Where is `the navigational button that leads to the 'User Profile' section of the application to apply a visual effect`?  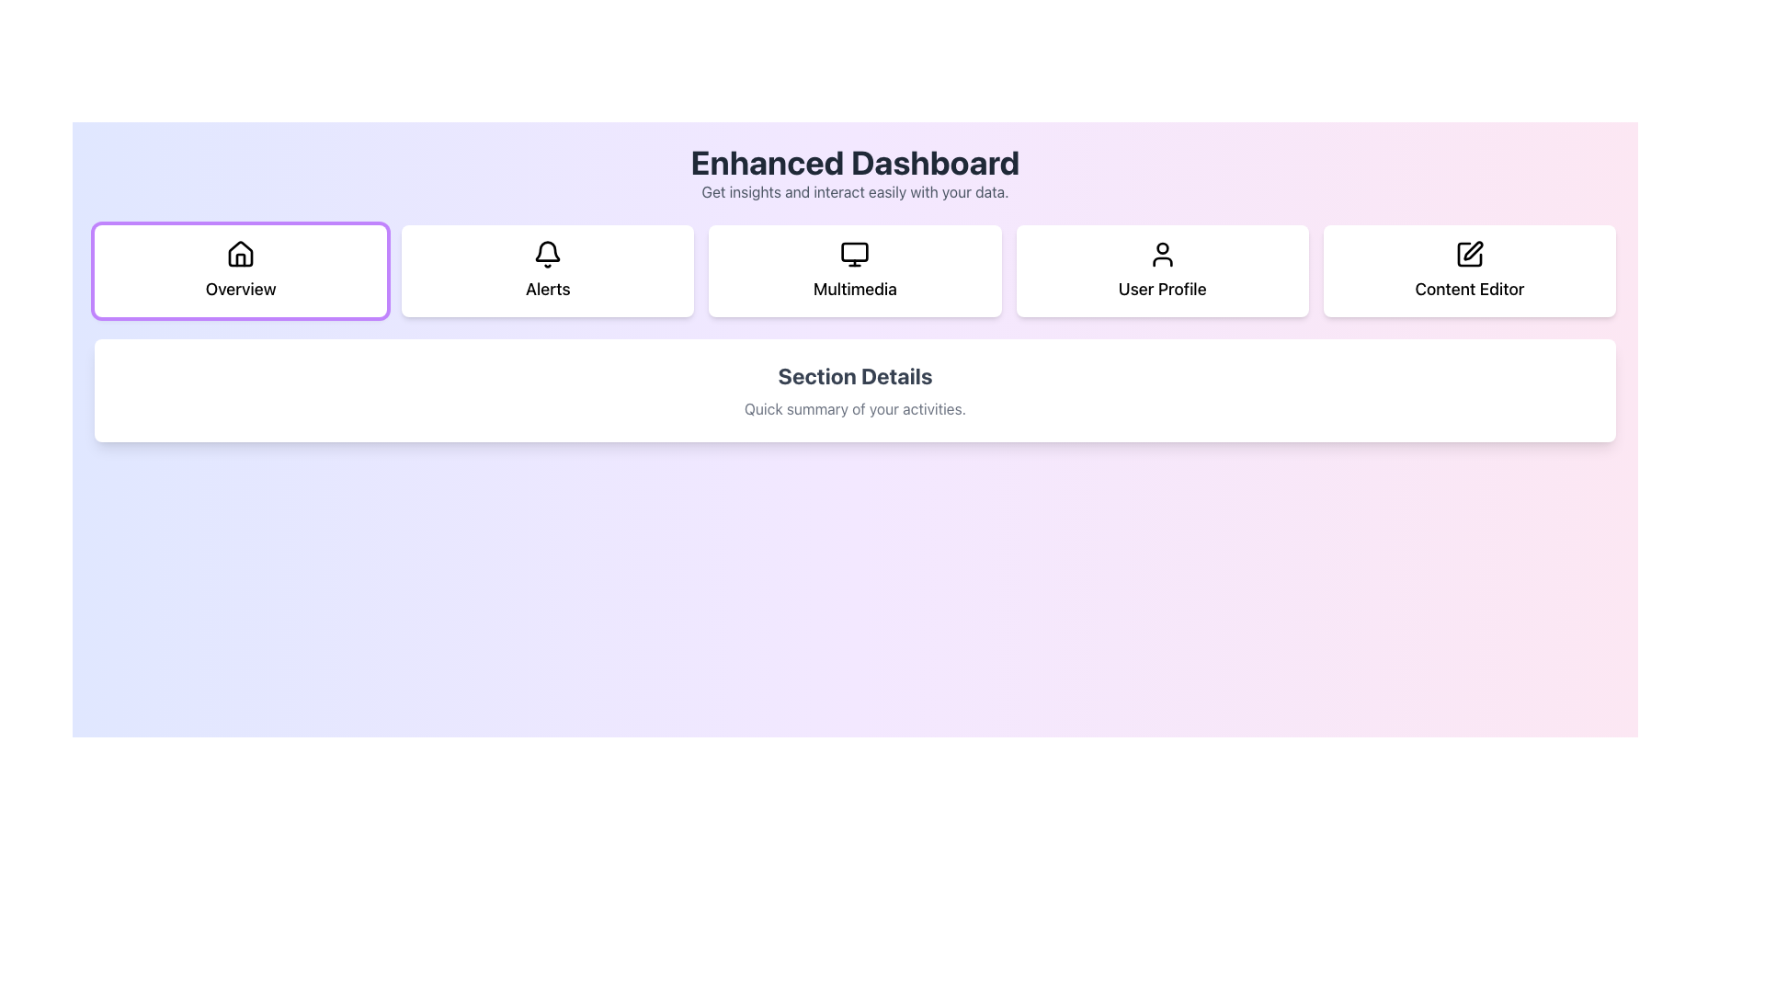 the navigational button that leads to the 'User Profile' section of the application to apply a visual effect is located at coordinates (1161, 270).